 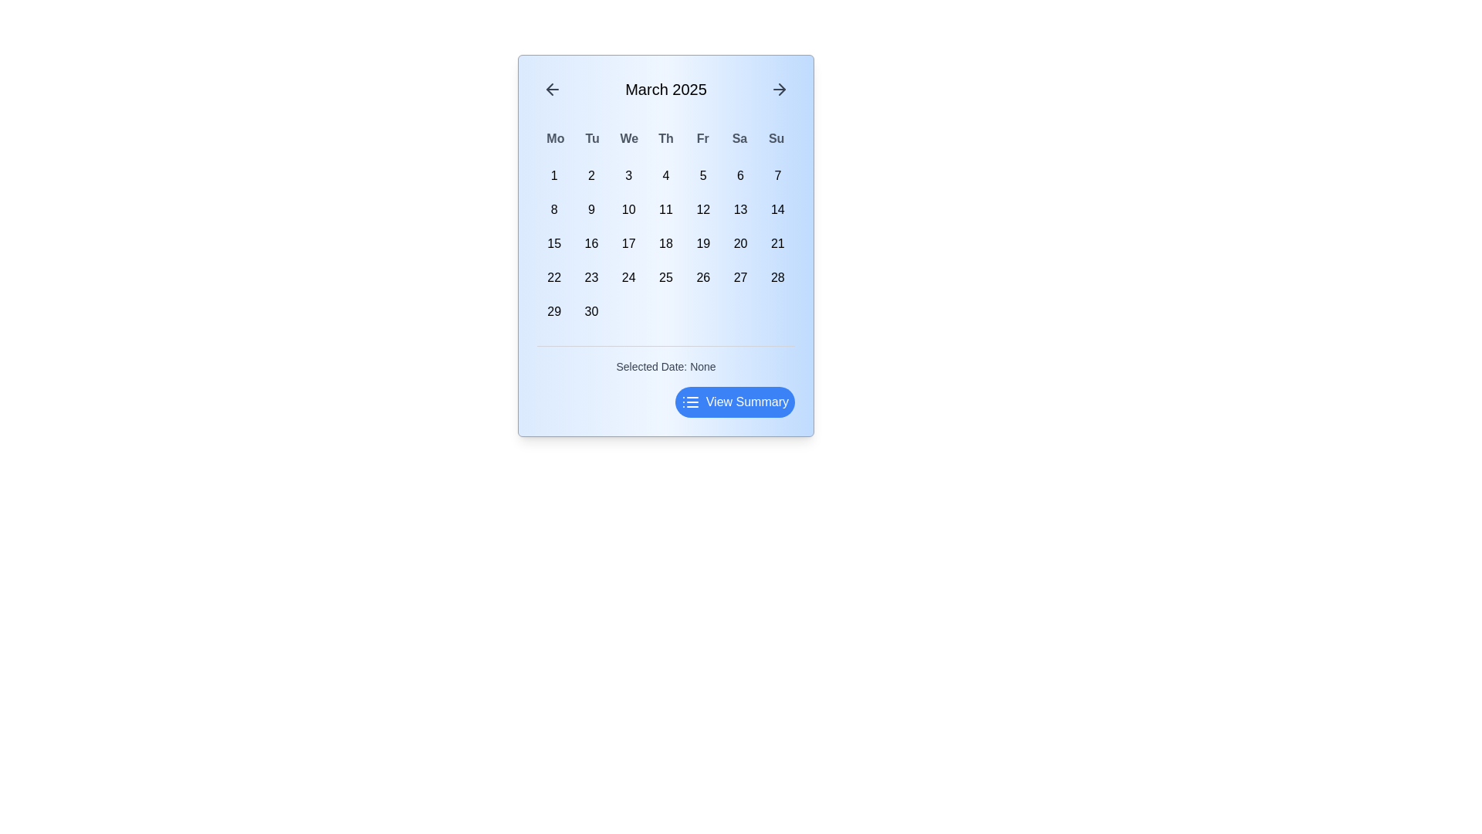 I want to click on the rounded button labeled '13' in the calendar grid, so click(x=739, y=210).